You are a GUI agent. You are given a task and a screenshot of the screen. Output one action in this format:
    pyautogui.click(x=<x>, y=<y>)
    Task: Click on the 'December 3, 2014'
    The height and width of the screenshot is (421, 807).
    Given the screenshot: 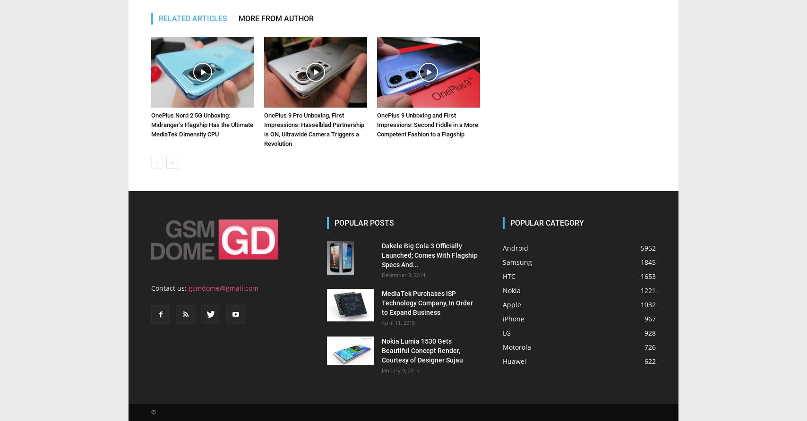 What is the action you would take?
    pyautogui.click(x=403, y=274)
    